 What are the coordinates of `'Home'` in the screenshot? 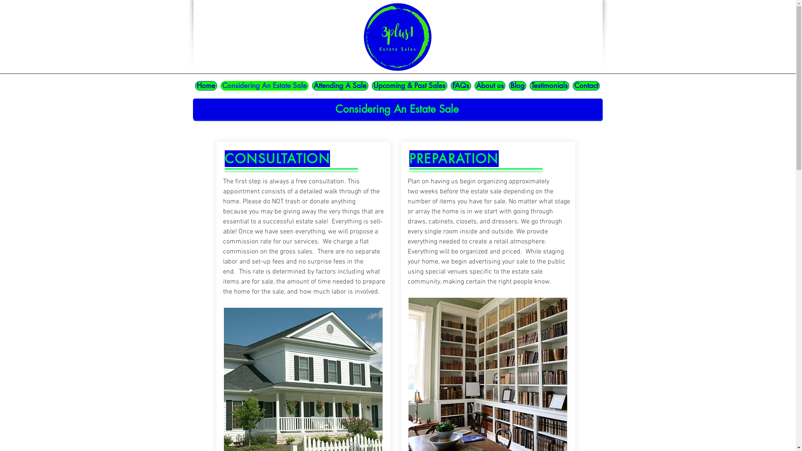 It's located at (206, 86).